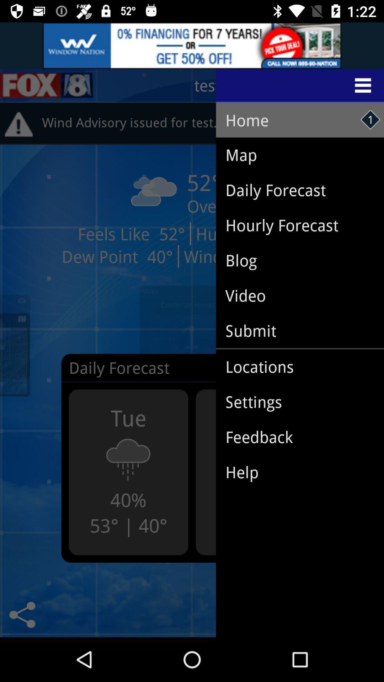 The height and width of the screenshot is (682, 384). I want to click on the share button on the bottom, so click(22, 615).